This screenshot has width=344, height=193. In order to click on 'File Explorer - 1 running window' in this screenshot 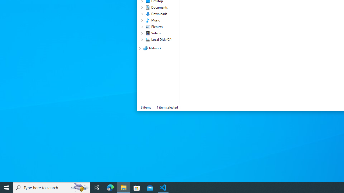, I will do `click(123, 187)`.